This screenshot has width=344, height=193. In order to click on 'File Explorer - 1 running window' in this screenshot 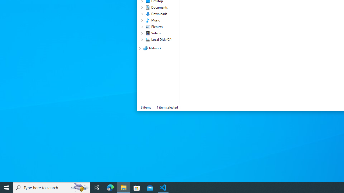, I will do `click(123, 187)`.